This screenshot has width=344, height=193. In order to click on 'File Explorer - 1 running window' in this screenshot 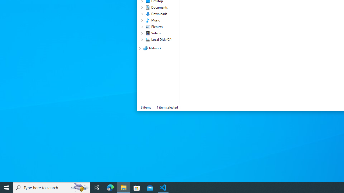, I will do `click(123, 187)`.